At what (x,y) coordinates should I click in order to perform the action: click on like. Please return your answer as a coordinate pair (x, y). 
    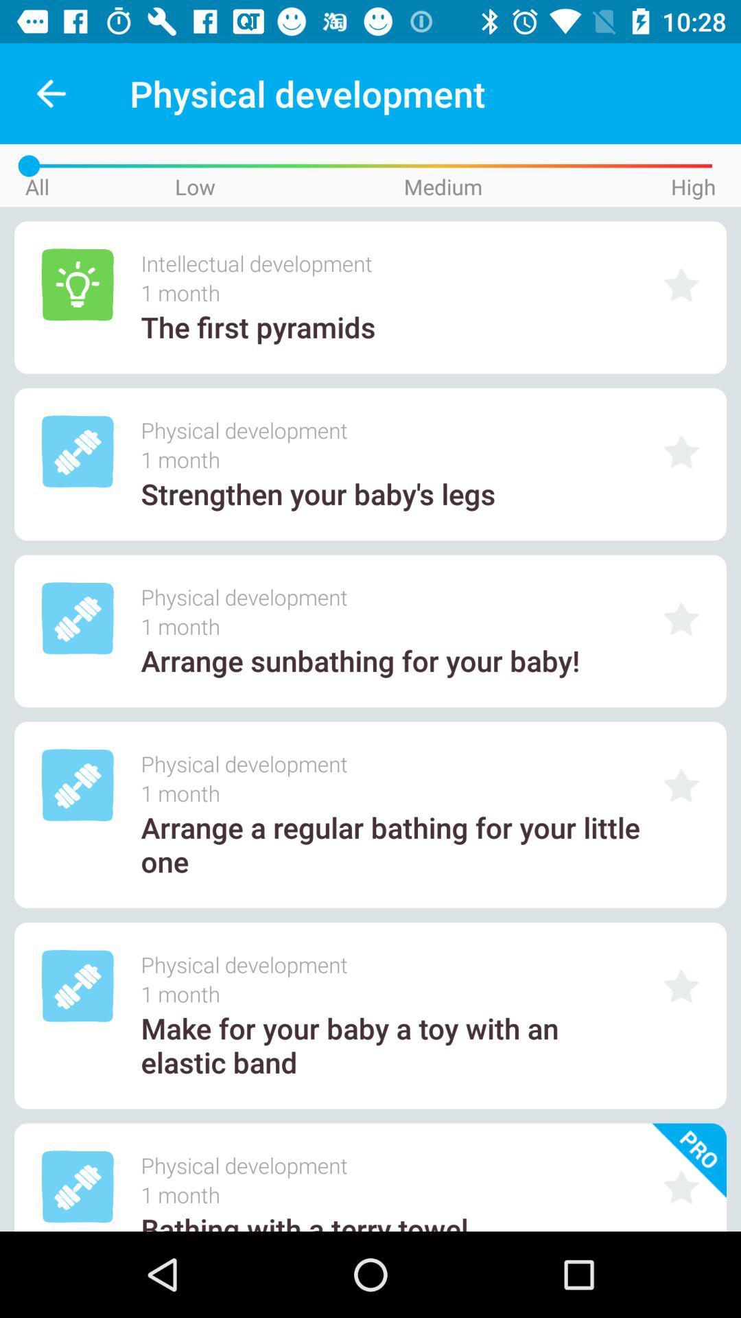
    Looking at the image, I should click on (681, 452).